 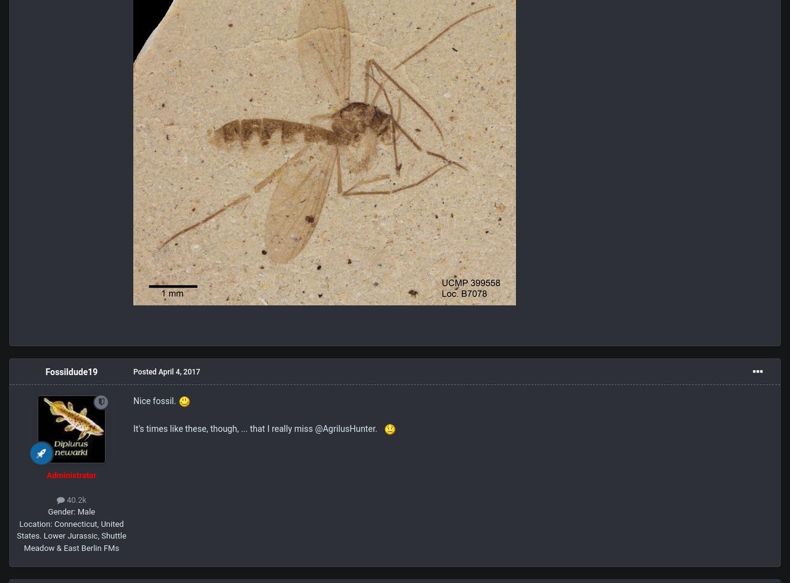 What do you see at coordinates (133, 372) in the screenshot?
I see `'Posted'` at bounding box center [133, 372].